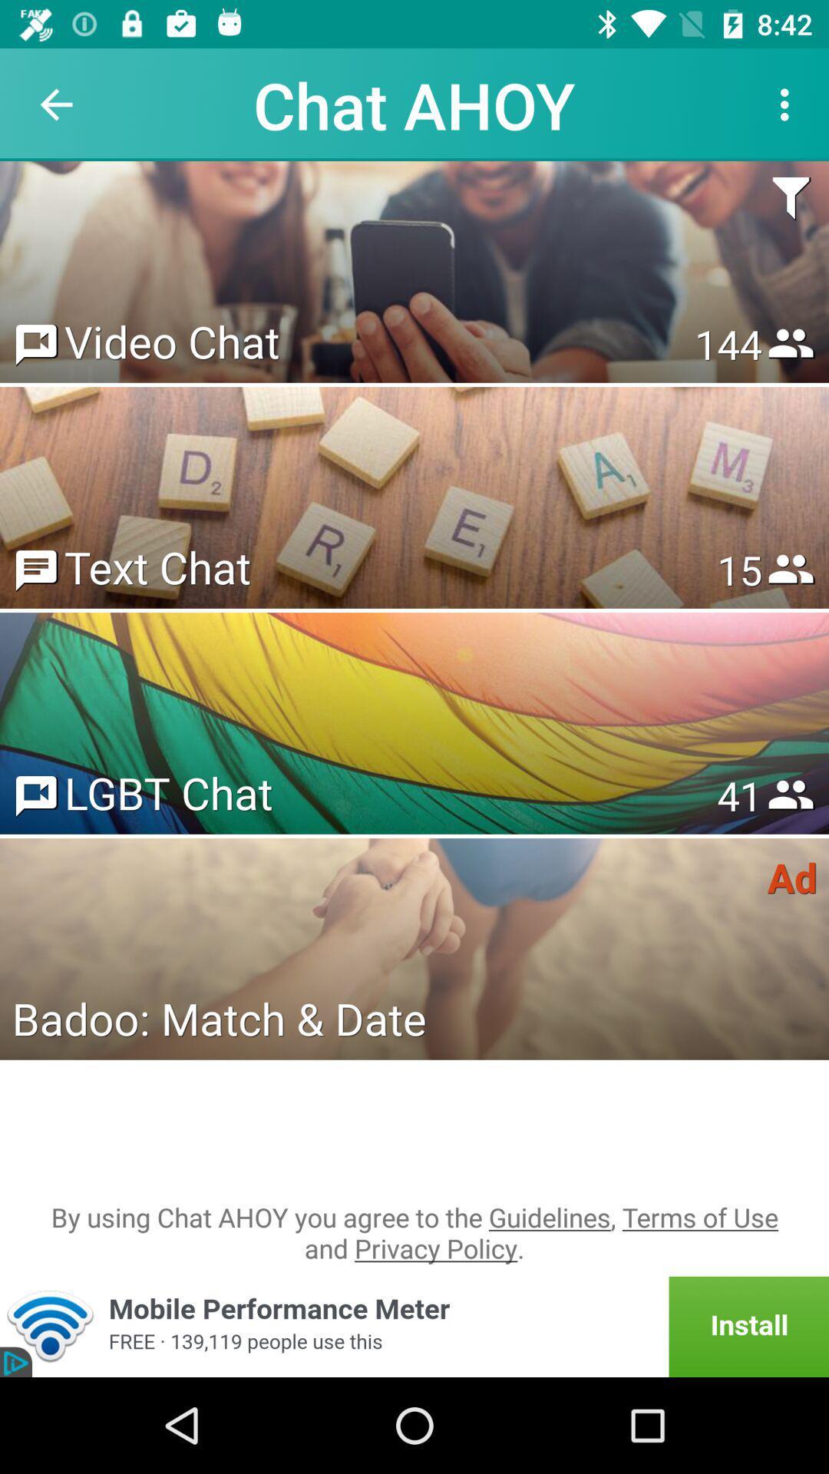 Image resolution: width=829 pixels, height=1474 pixels. Describe the element at coordinates (738, 569) in the screenshot. I see `item to the right of text chat icon` at that location.